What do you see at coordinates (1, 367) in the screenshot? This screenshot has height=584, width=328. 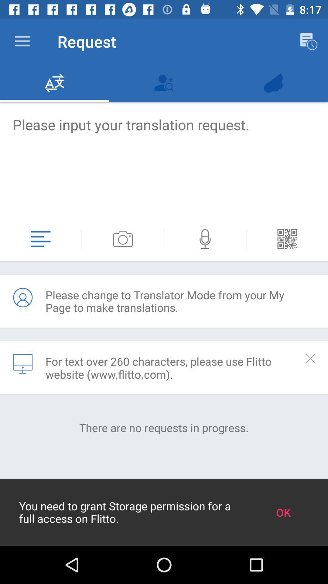 I see `the item above the there are no icon` at bounding box center [1, 367].